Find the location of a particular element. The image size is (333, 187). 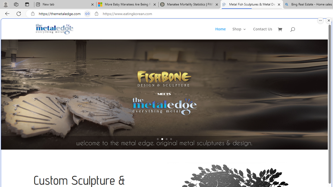

'Close split screen.' is located at coordinates (329, 20).